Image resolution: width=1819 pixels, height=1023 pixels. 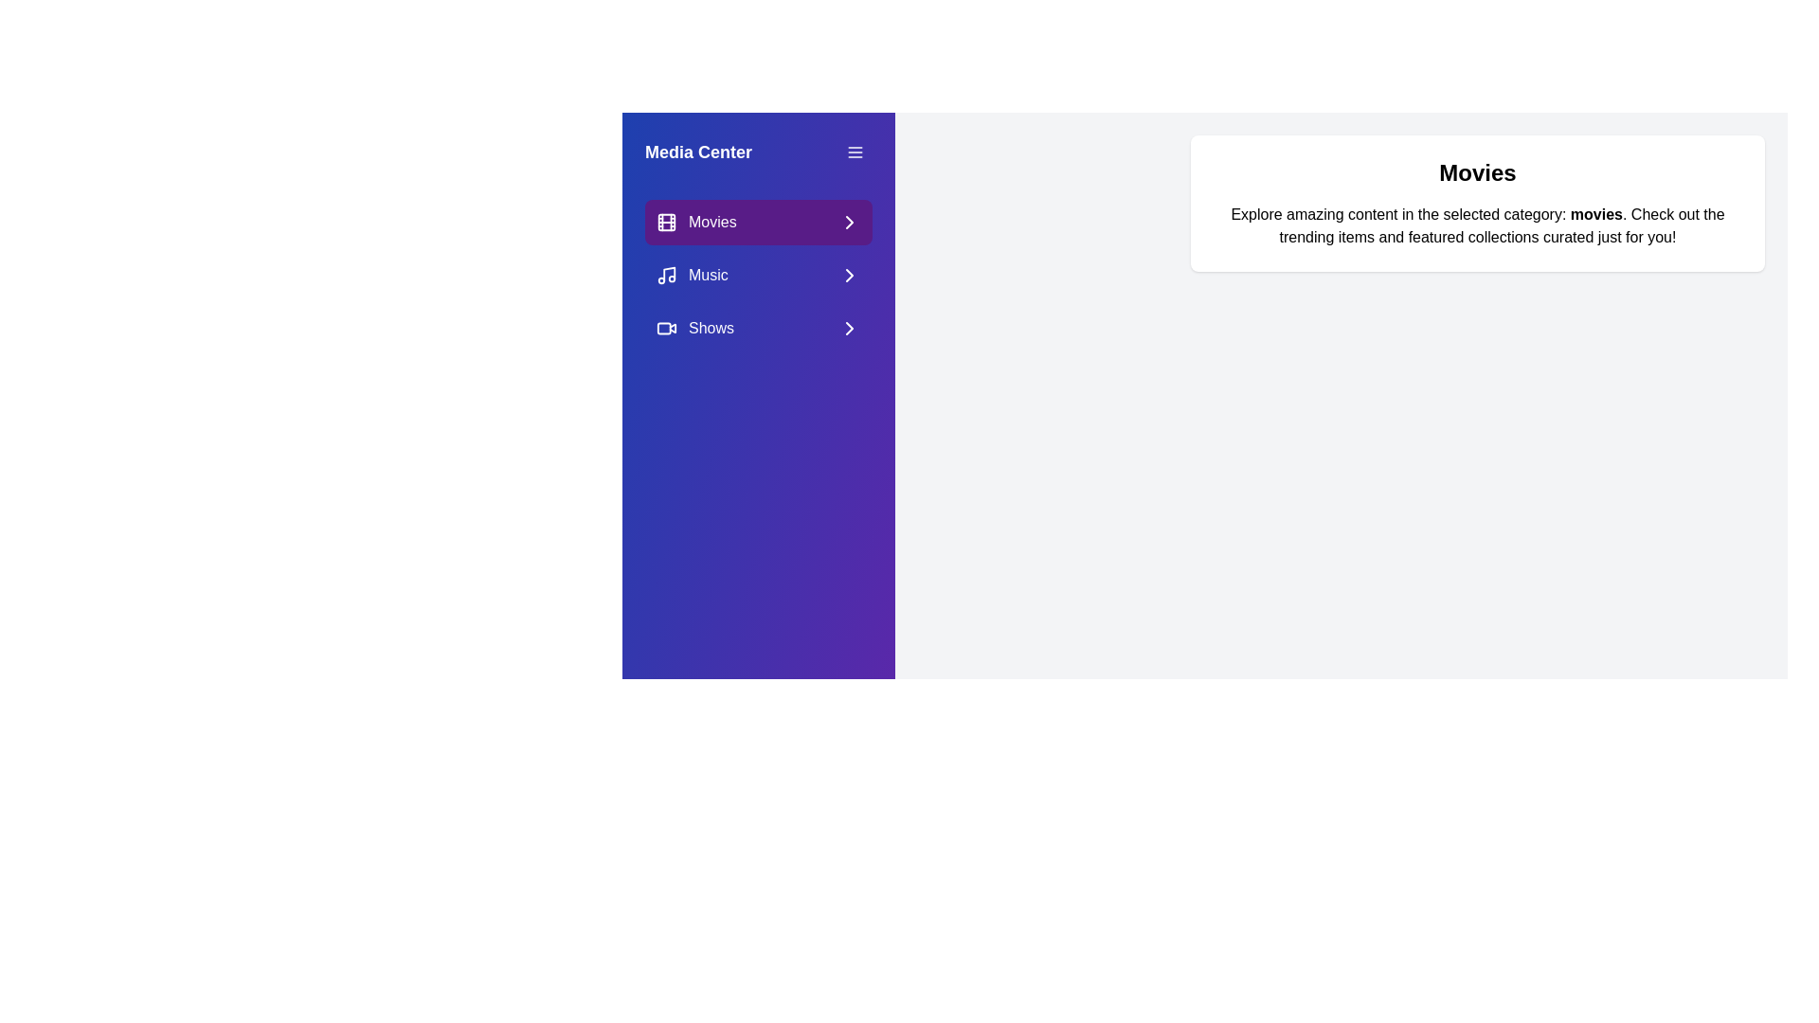 I want to click on the chevron-right icon located at the far-right end of the 'Movies' menu item in the sidebar navigation panel, so click(x=849, y=222).